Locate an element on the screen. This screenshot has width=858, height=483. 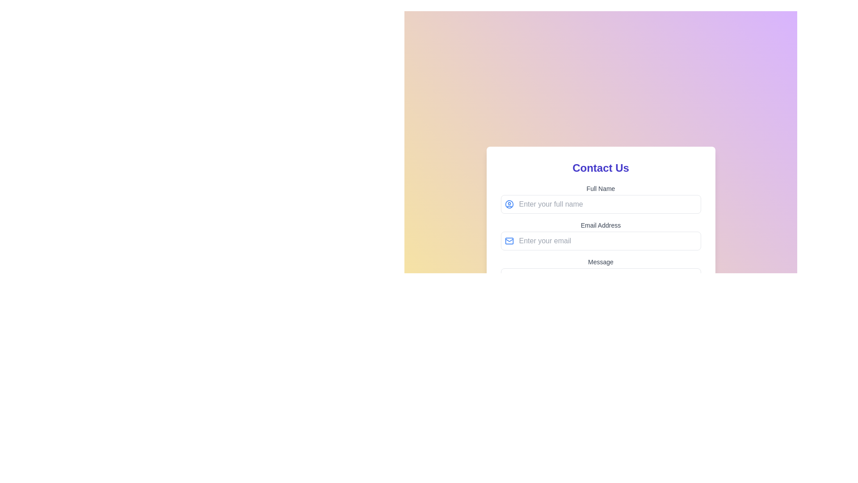
the rounded rectangle graphical icon component located on the left side of the 'Email Address' input field group is located at coordinates (509, 241).